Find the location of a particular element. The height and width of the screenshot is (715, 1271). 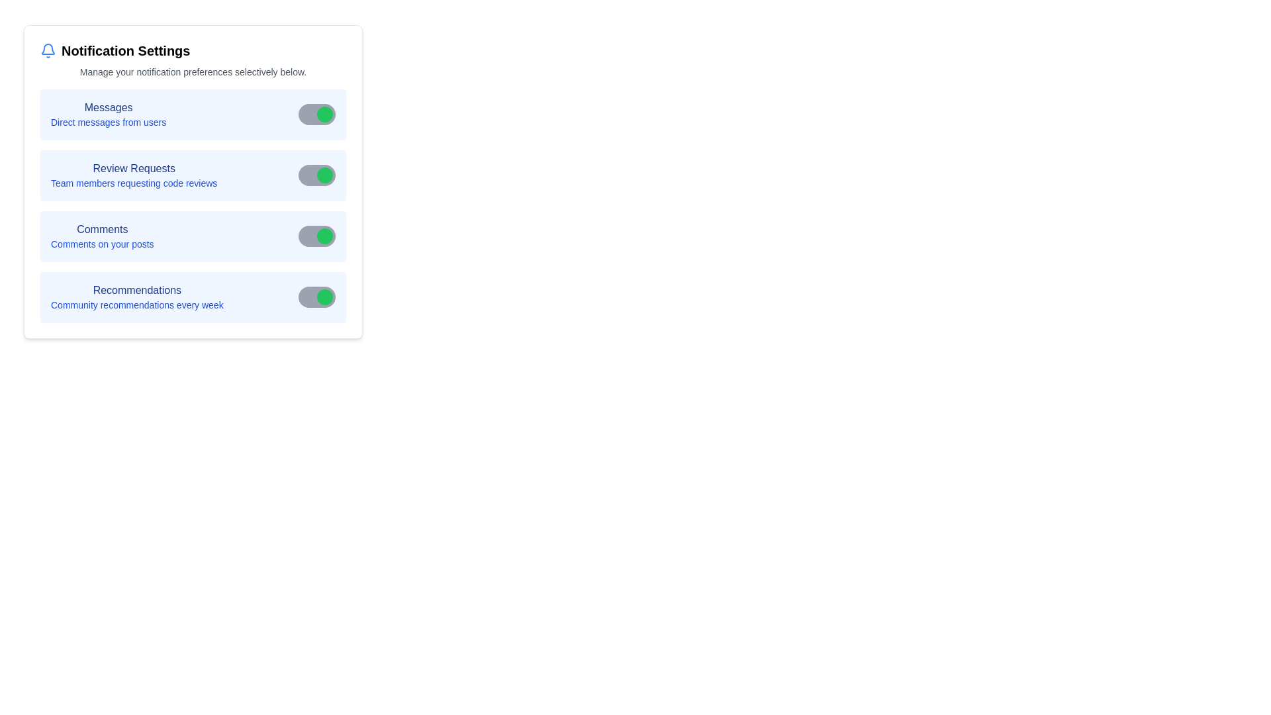

the toggle state of the 'Messages' interactive notification toggle card, which is the first card in the notification settings list is located at coordinates (193, 114).